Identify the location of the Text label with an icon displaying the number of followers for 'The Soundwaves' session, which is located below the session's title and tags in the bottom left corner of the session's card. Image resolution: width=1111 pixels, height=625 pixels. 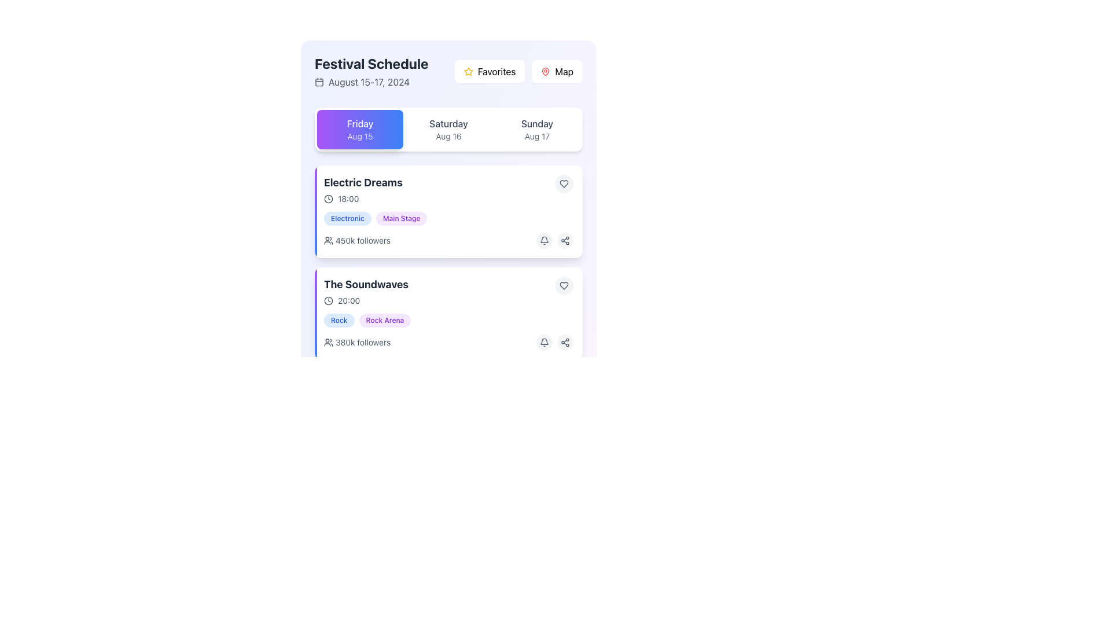
(356, 341).